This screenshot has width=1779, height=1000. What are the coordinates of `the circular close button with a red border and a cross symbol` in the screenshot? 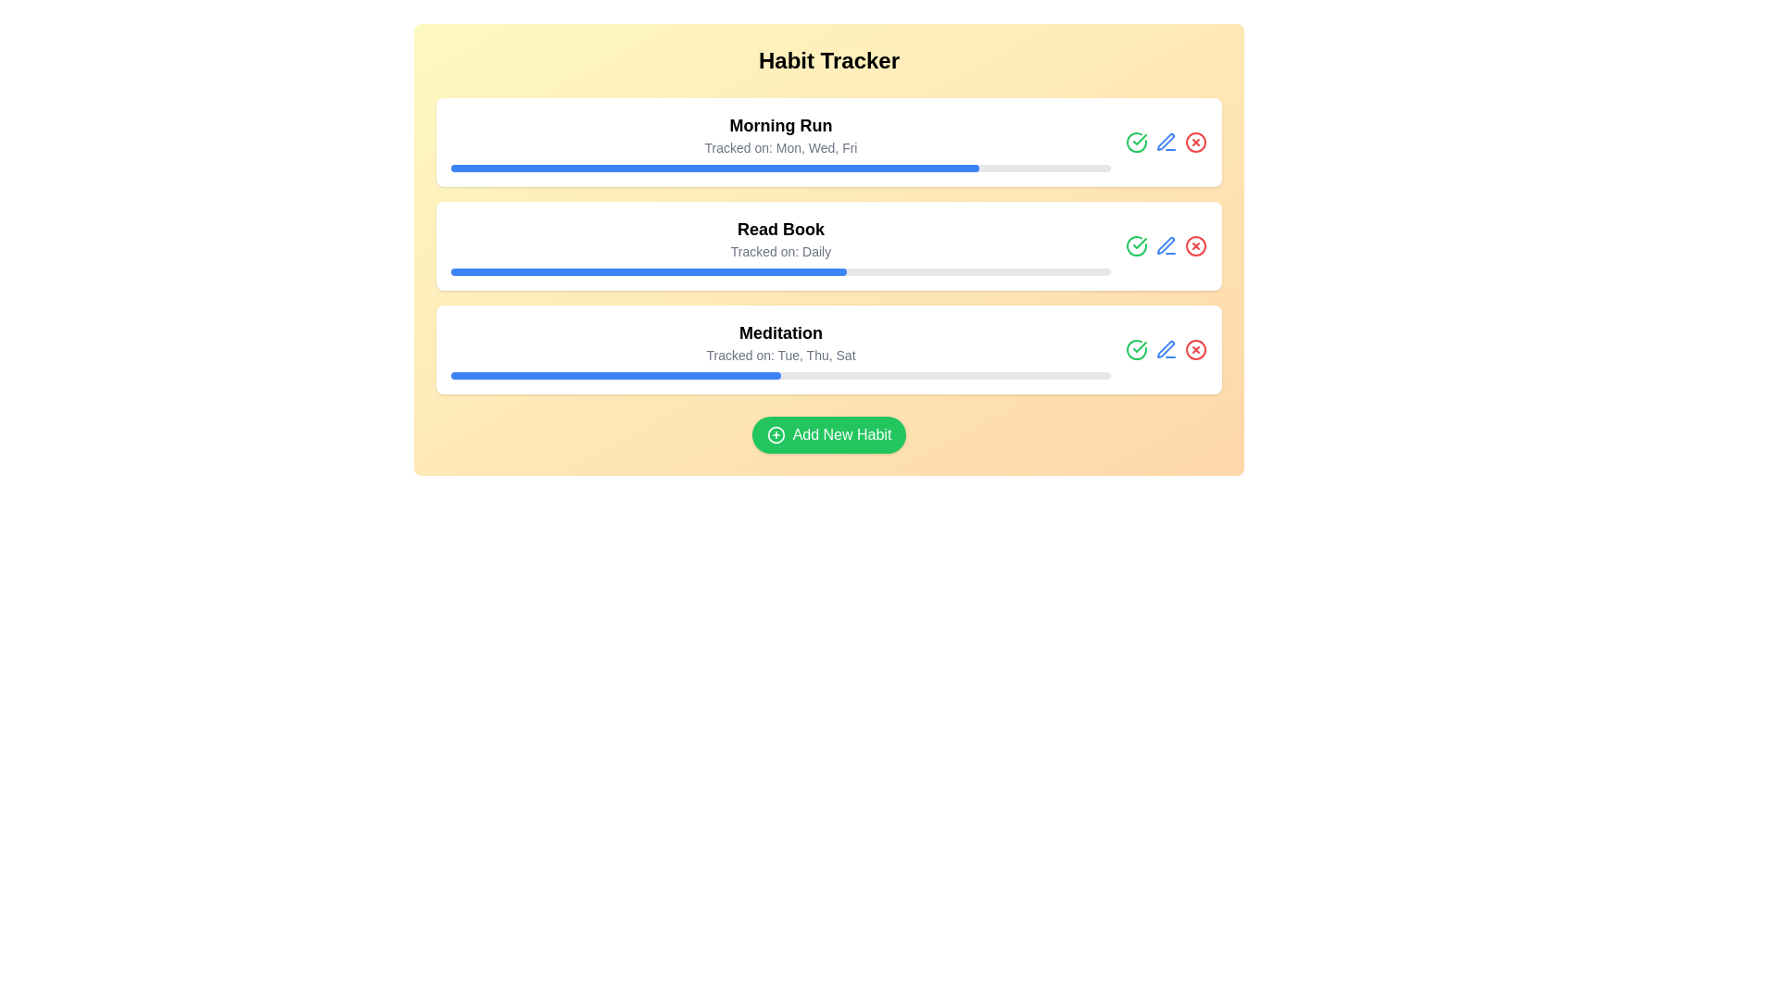 It's located at (1196, 350).